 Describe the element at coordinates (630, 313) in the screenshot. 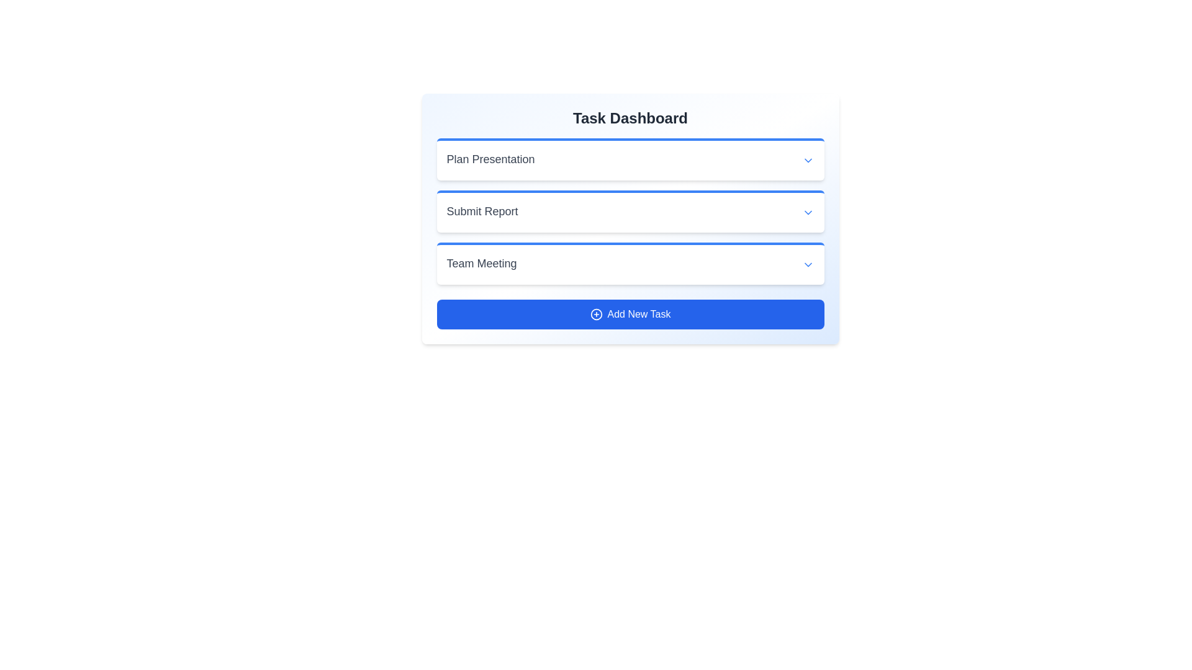

I see `the 'Add New Task' button` at that location.